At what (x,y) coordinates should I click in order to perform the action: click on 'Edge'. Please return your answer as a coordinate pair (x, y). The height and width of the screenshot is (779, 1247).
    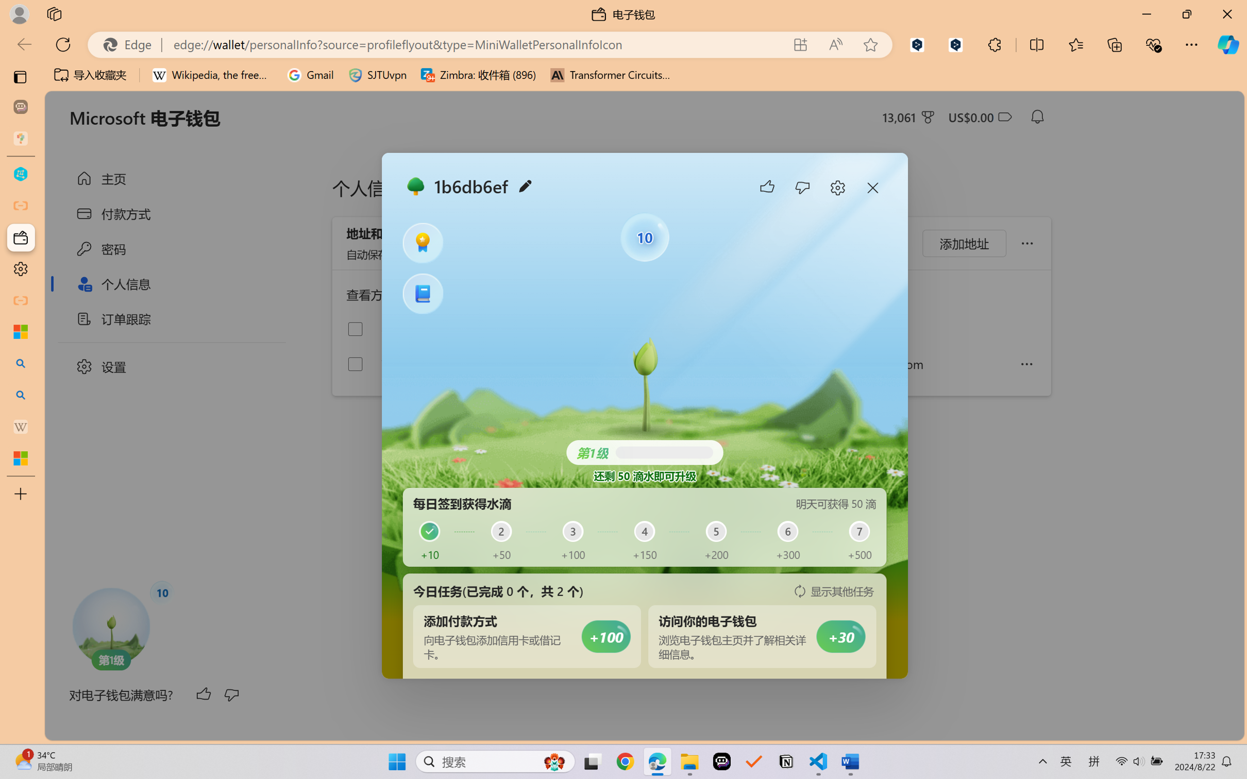
    Looking at the image, I should click on (131, 44).